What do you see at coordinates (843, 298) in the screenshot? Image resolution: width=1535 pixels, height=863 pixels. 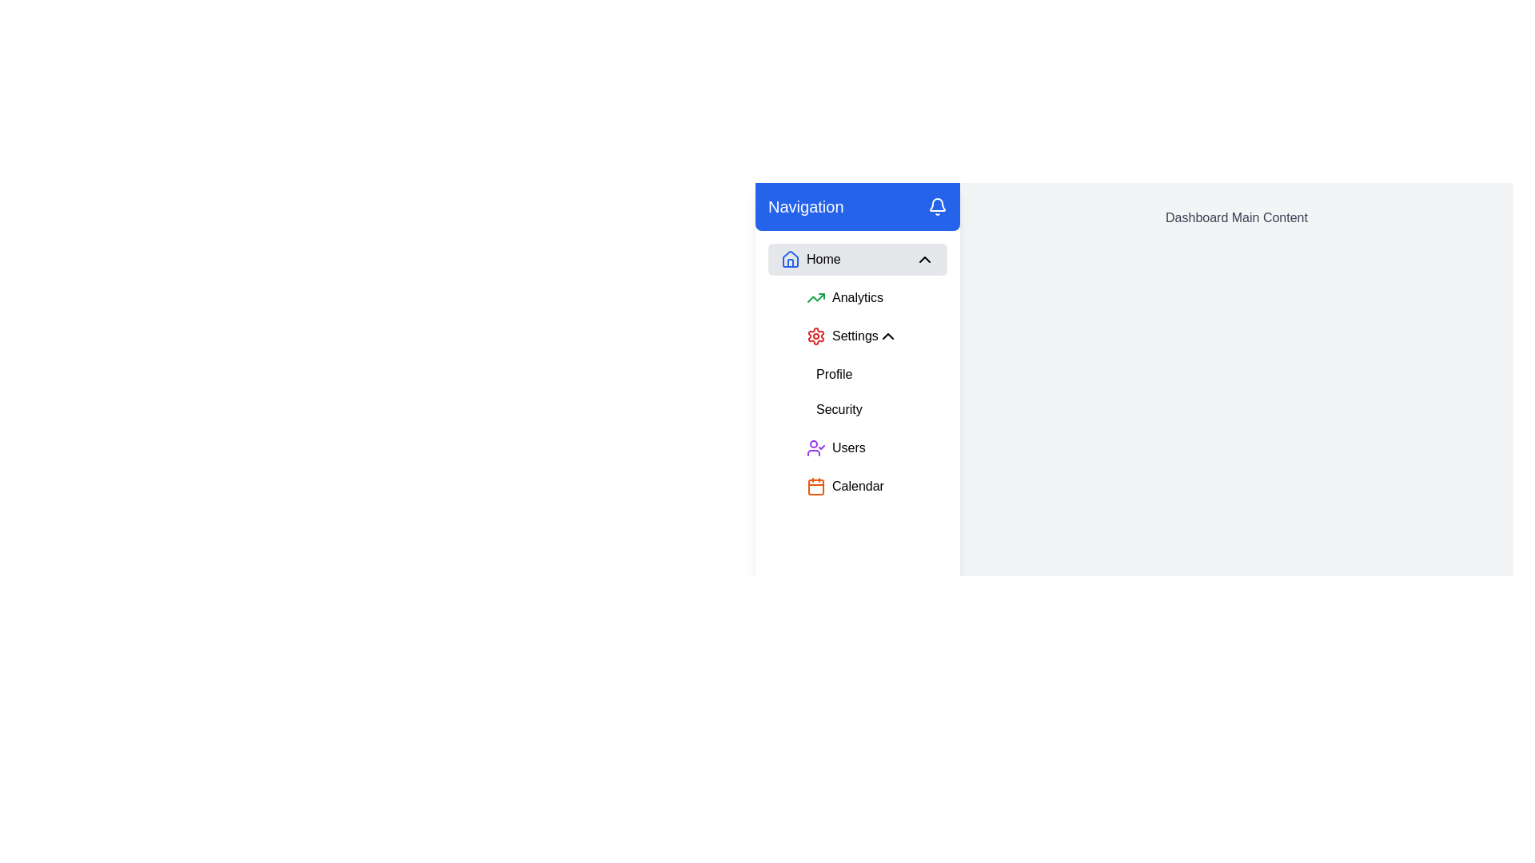 I see `the 'Analytics' button located in the vertical navigation menu` at bounding box center [843, 298].